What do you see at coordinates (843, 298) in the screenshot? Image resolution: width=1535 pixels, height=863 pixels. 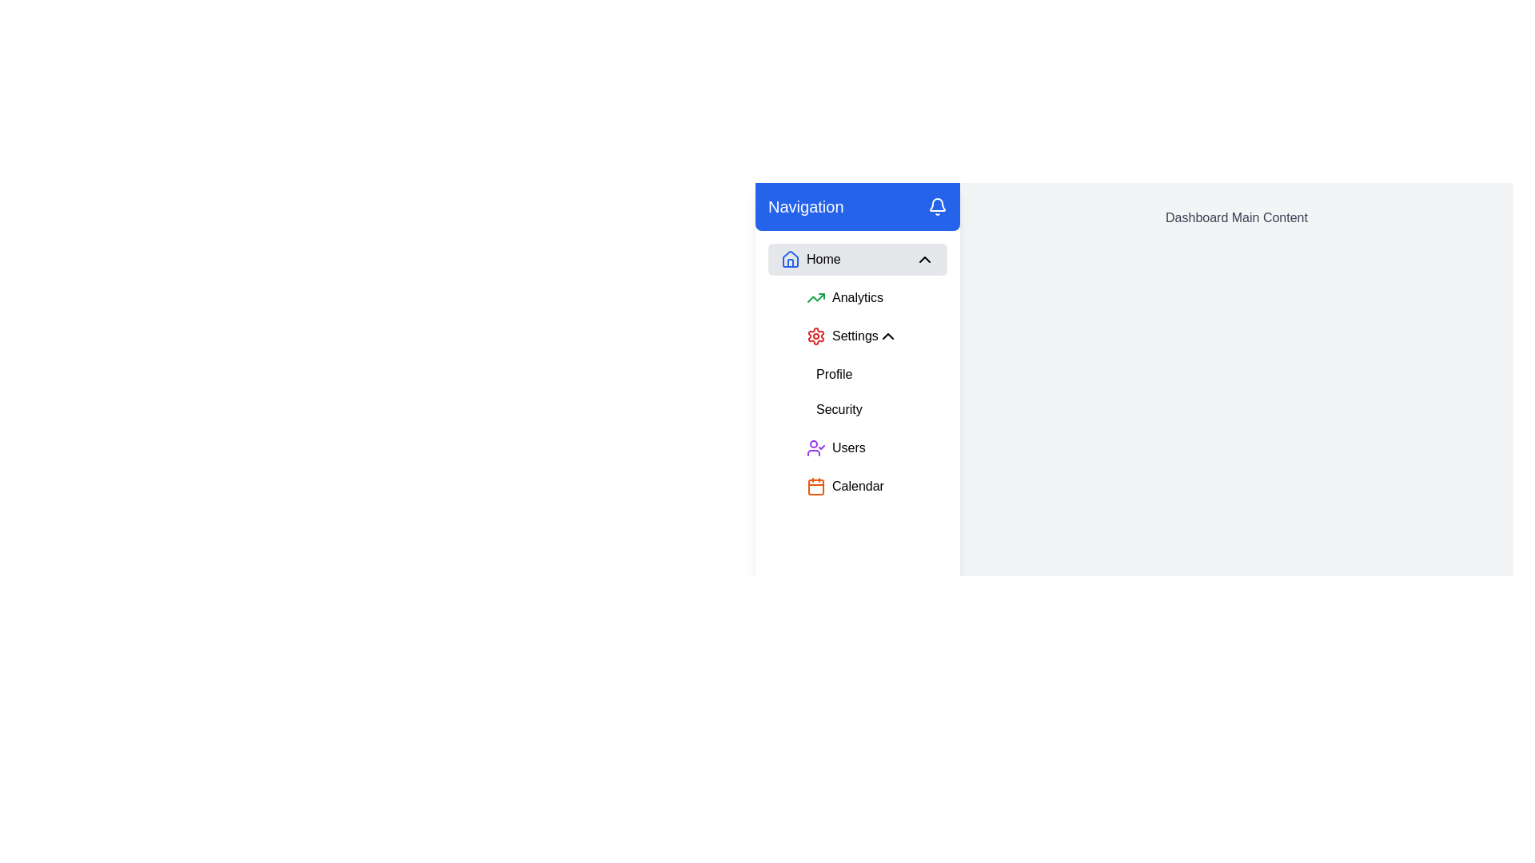 I see `the 'Analytics' button located in the vertical navigation menu` at bounding box center [843, 298].